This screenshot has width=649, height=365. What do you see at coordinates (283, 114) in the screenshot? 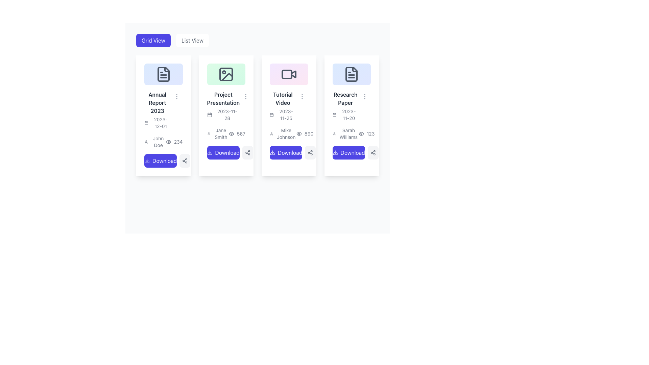
I see `the text label with an accompanying icon that represents the publishing date of the 'Tutorial Video' content, located in the third card from the left in the grid layout` at bounding box center [283, 114].